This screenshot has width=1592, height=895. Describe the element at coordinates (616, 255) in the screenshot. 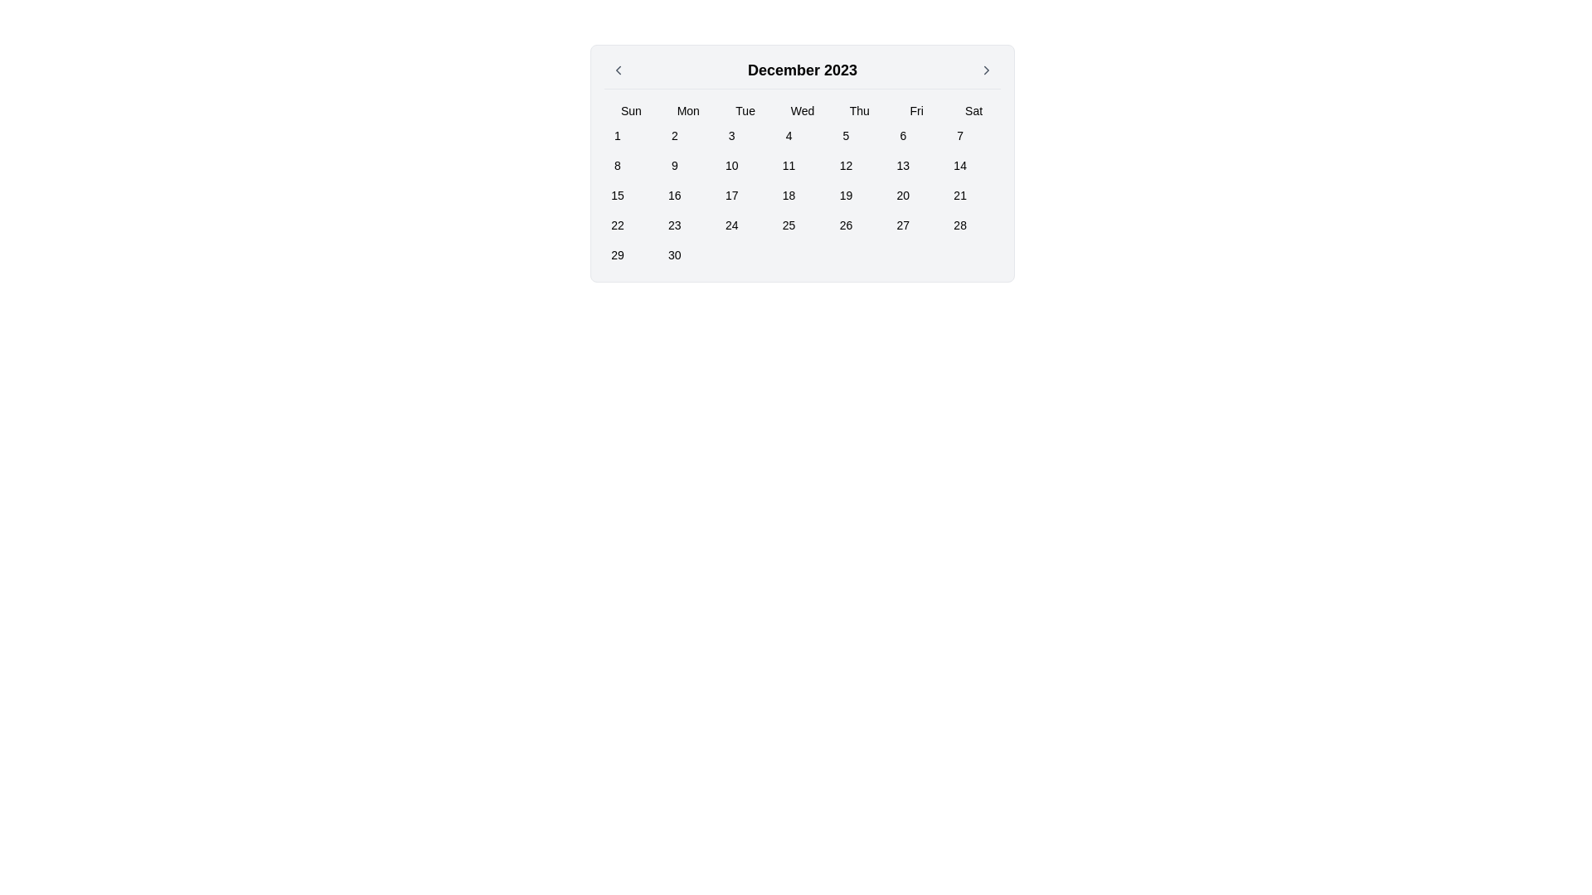

I see `the square-shaped button displaying the number '29'` at that location.